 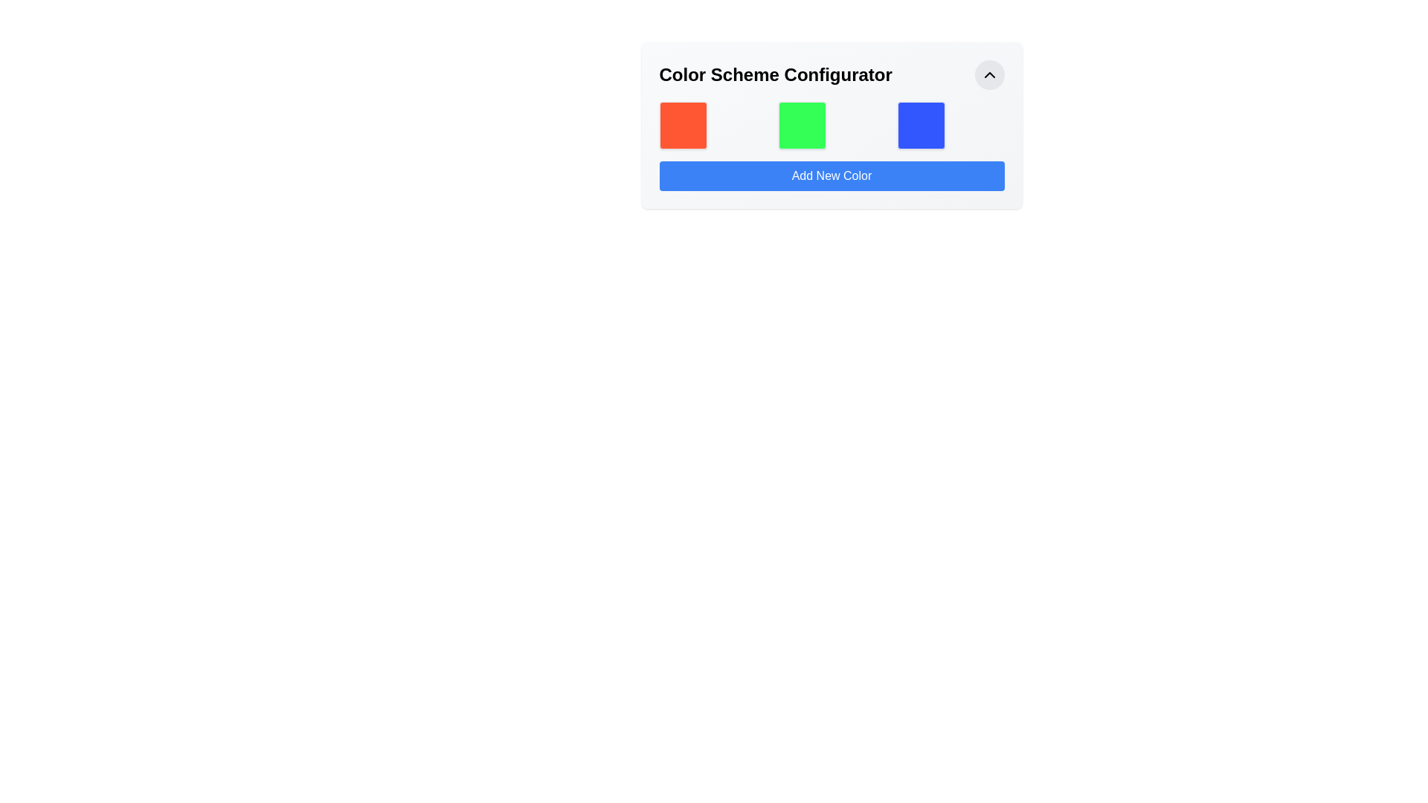 I want to click on the button with an upward chevron icon located in the top-right corner of the 'Color Scheme Configurator' section, so click(x=989, y=74).